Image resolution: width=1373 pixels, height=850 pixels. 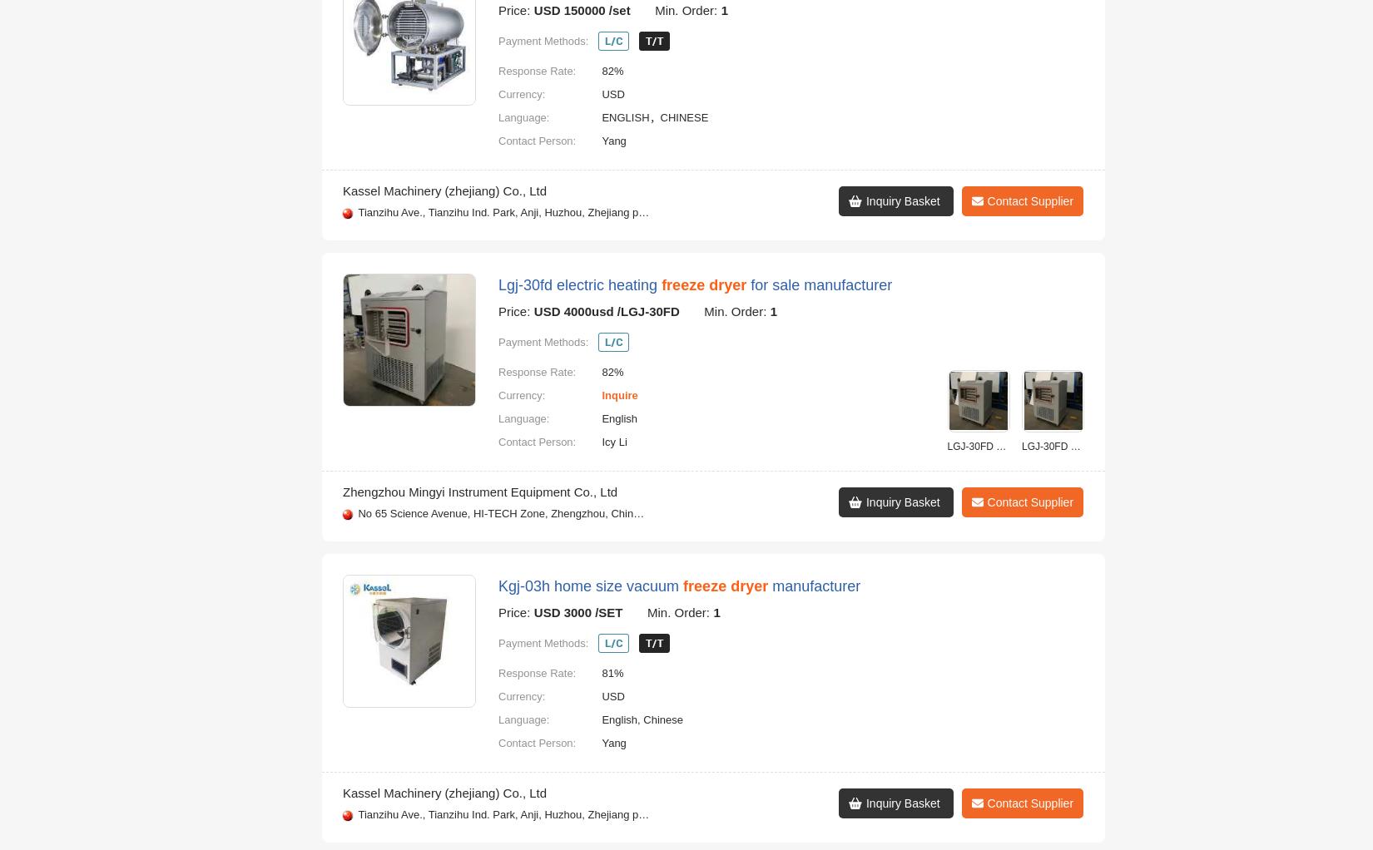 I want to click on 'Meng', so click(x=601, y=243).